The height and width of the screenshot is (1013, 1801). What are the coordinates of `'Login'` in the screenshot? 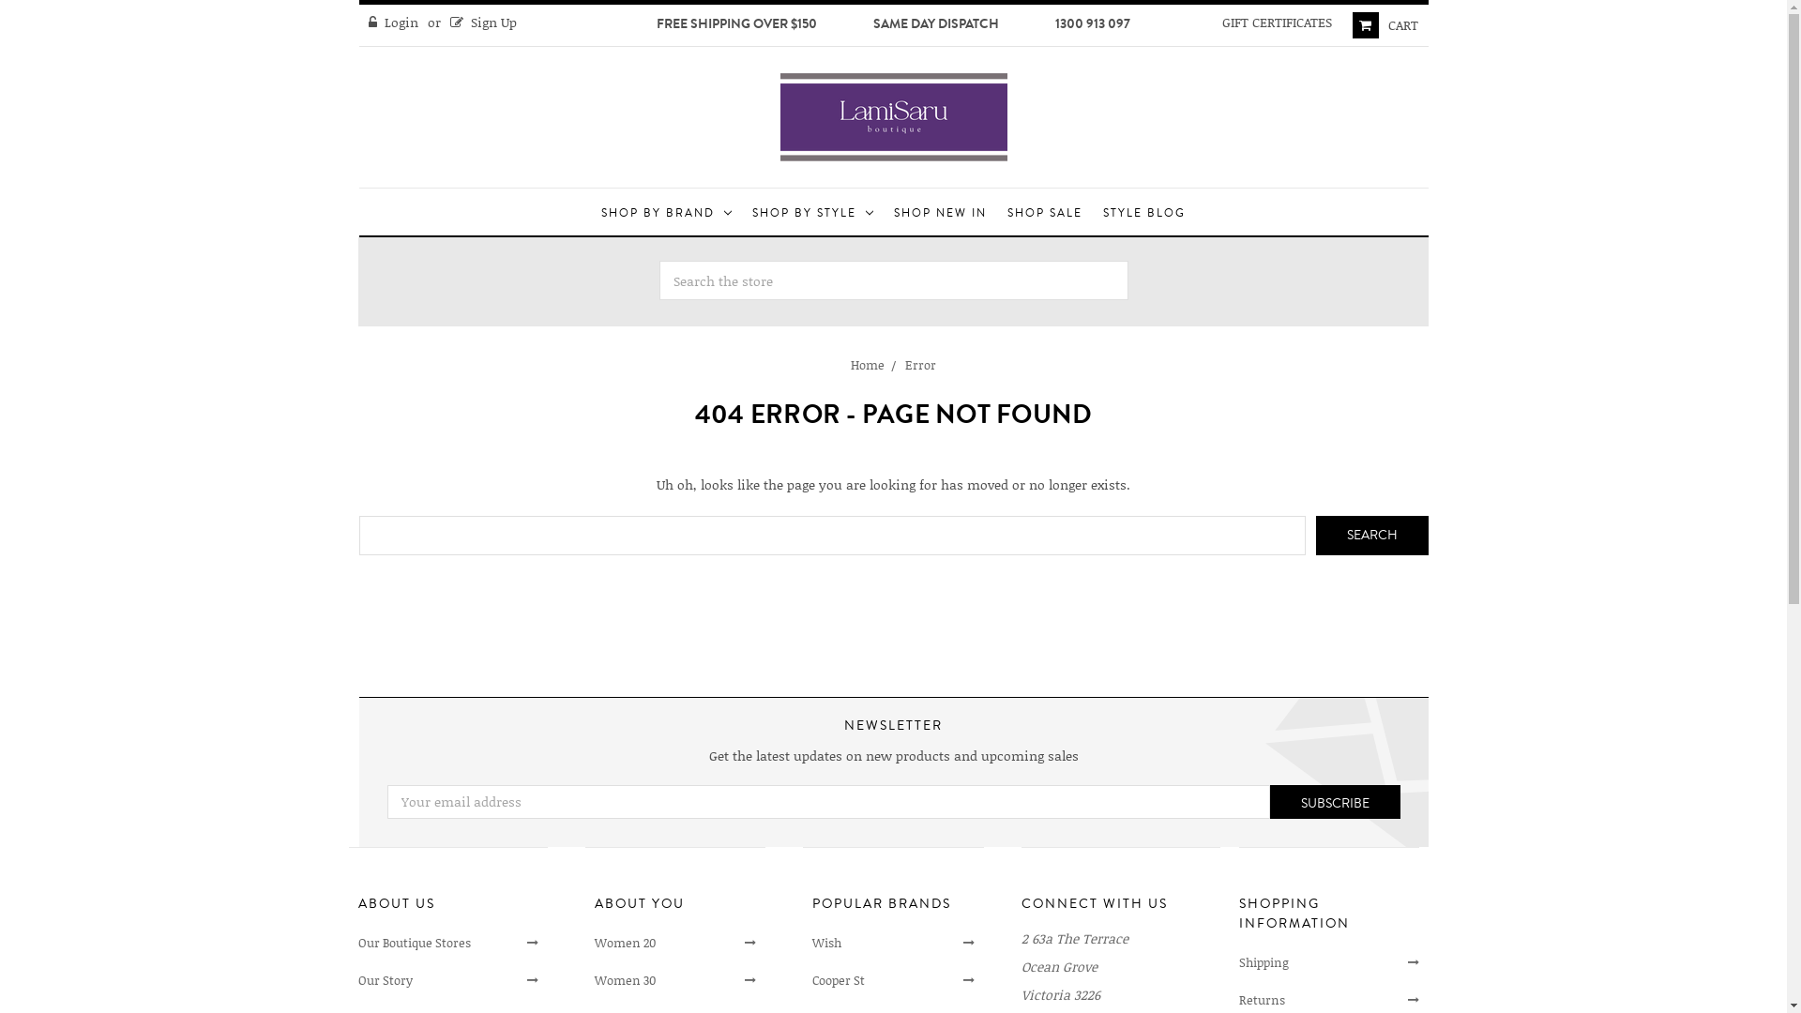 It's located at (392, 22).